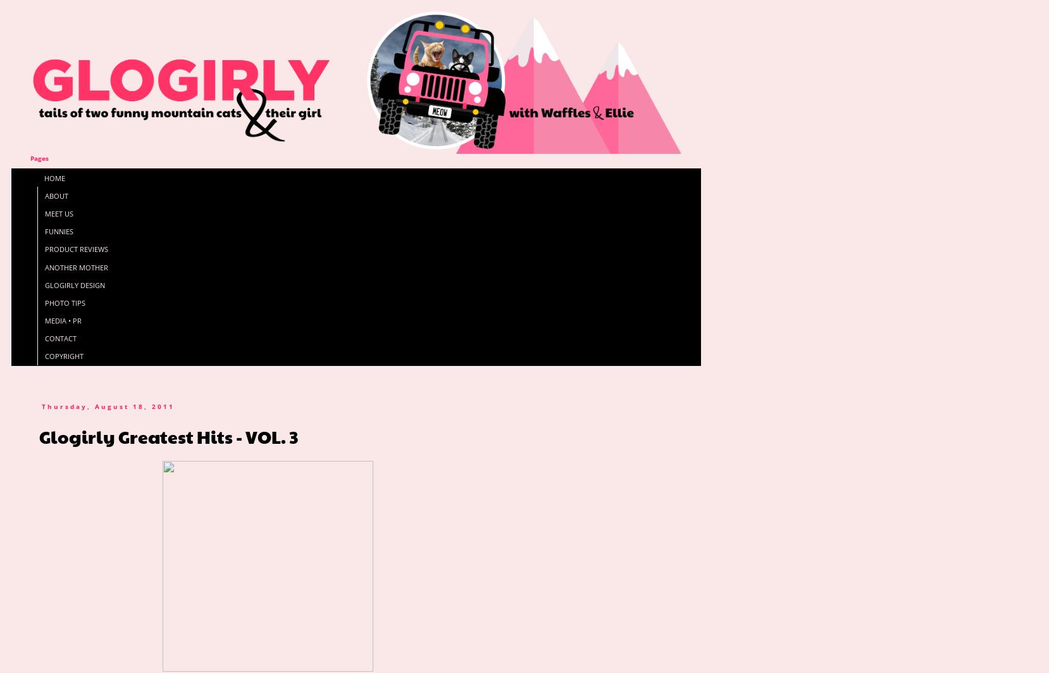 The width and height of the screenshot is (1049, 673). Describe the element at coordinates (62, 320) in the screenshot. I see `'MEDIA • PR'` at that location.